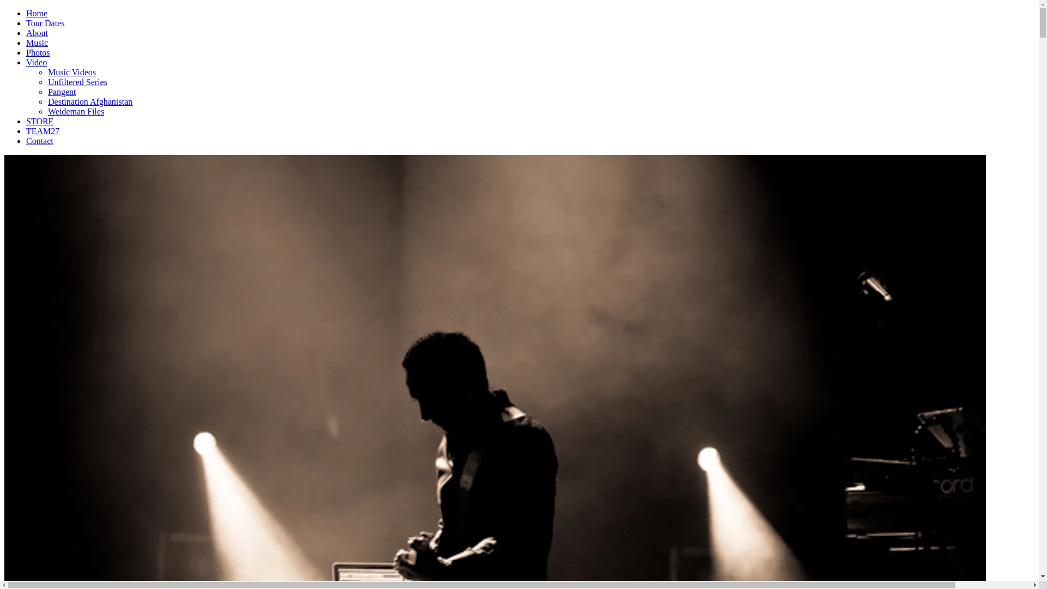 Image resolution: width=1047 pixels, height=589 pixels. What do you see at coordinates (26, 32) in the screenshot?
I see `'About'` at bounding box center [26, 32].